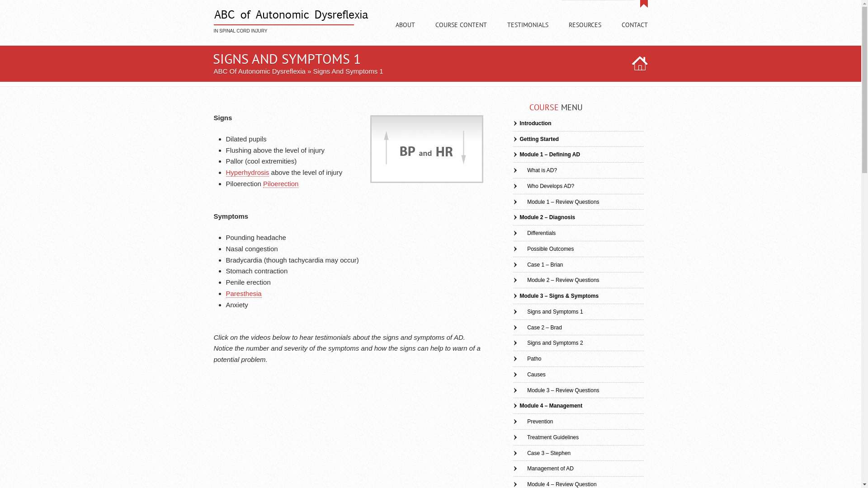 The height and width of the screenshot is (488, 868). I want to click on '     Management of AD', so click(512, 468).